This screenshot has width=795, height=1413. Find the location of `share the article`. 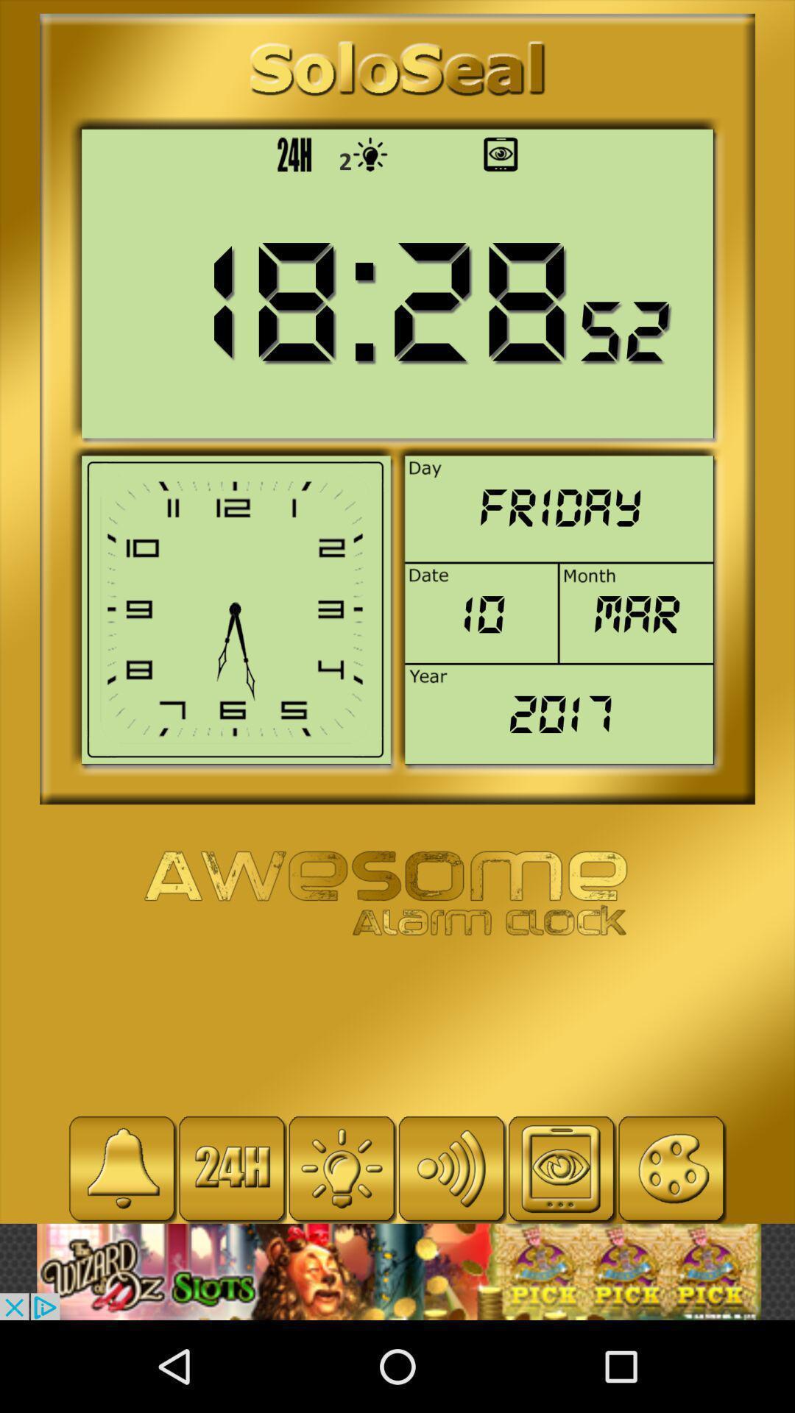

share the article is located at coordinates (397, 1271).